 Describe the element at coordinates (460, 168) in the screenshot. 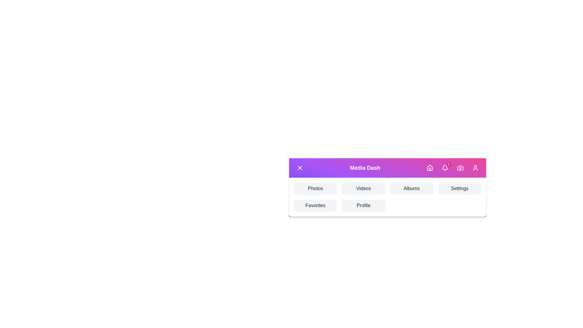

I see `the Camera icon in the VibrantMediaAppBar` at that location.